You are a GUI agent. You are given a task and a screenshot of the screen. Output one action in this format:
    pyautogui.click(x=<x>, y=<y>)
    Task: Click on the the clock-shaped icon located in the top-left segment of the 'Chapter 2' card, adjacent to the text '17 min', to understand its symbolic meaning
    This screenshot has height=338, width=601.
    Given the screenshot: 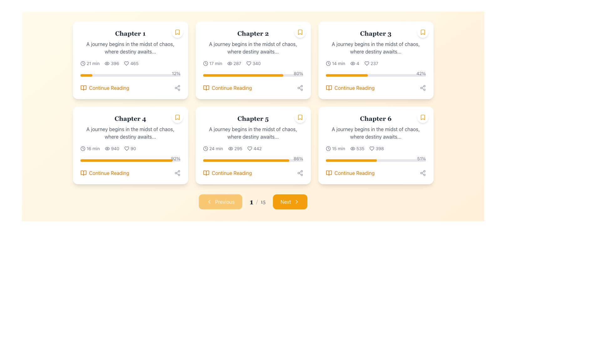 What is the action you would take?
    pyautogui.click(x=205, y=64)
    